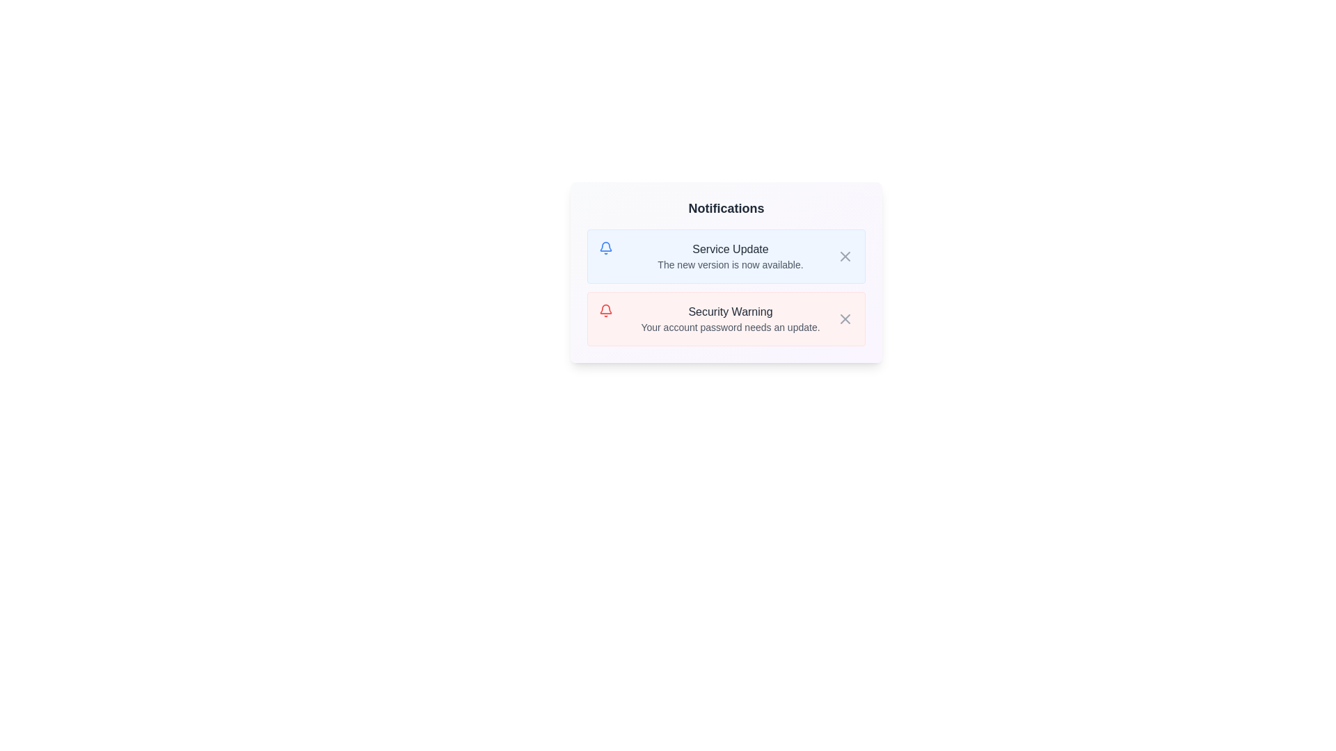 The width and height of the screenshot is (1336, 751). I want to click on the icon located, so click(605, 257).